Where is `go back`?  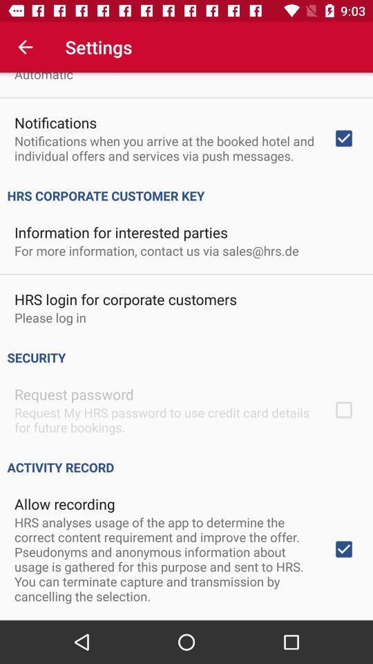
go back is located at coordinates (25, 47).